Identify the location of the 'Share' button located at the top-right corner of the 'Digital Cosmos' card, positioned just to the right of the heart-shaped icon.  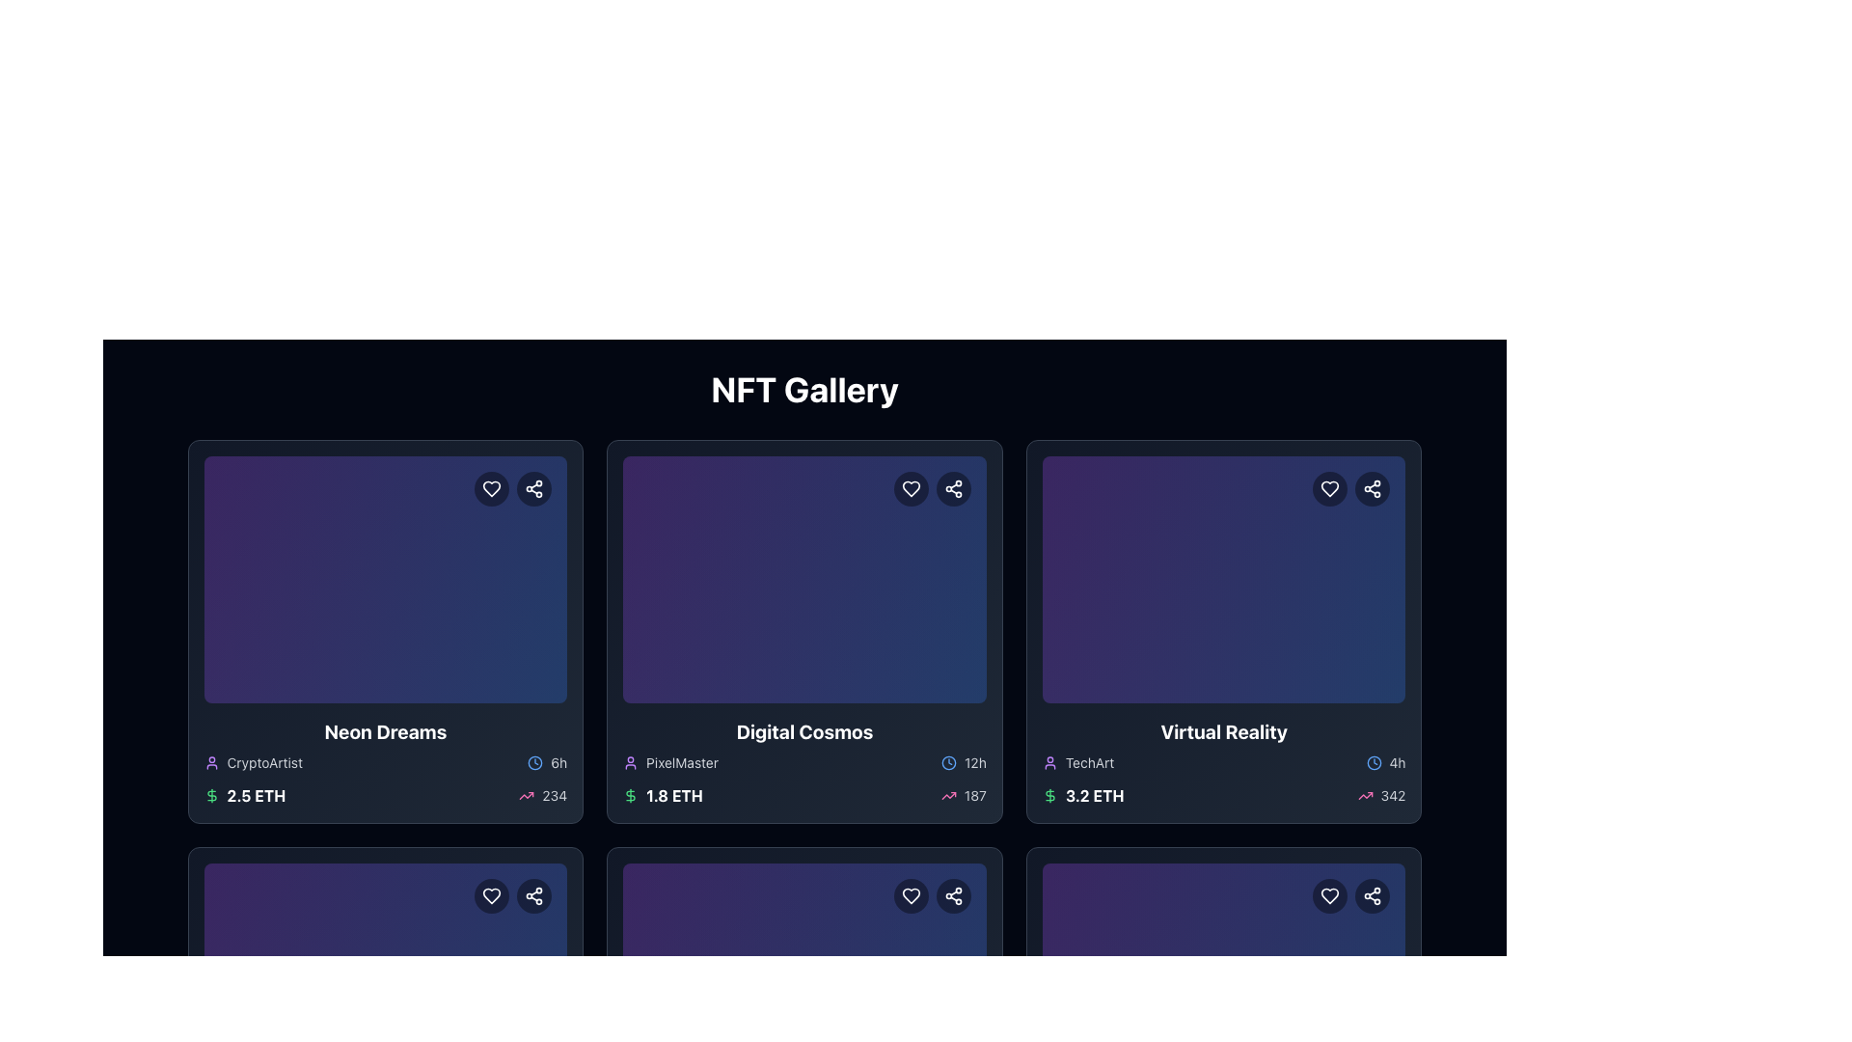
(953, 487).